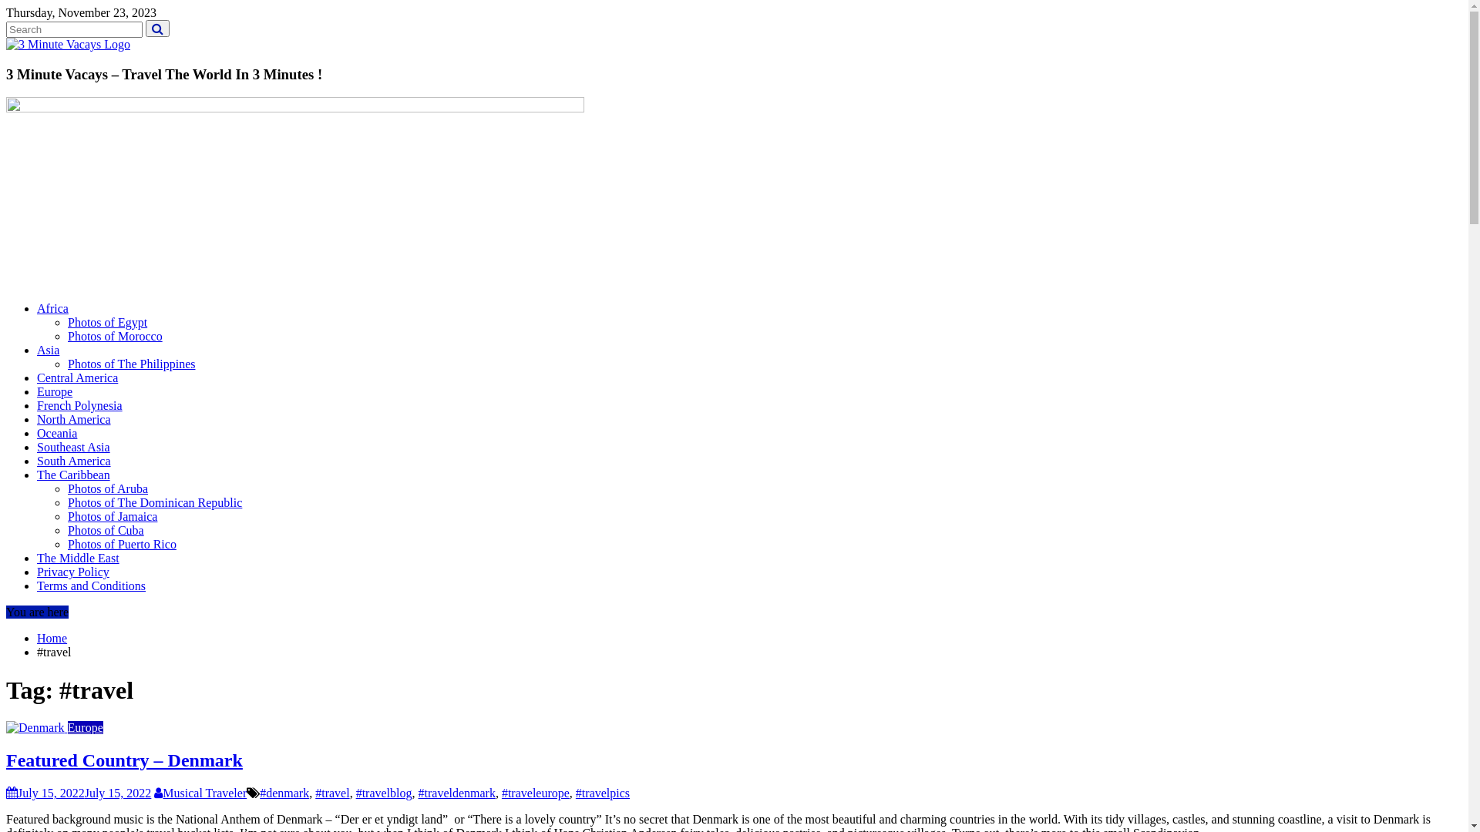  What do you see at coordinates (73, 419) in the screenshot?
I see `'North America'` at bounding box center [73, 419].